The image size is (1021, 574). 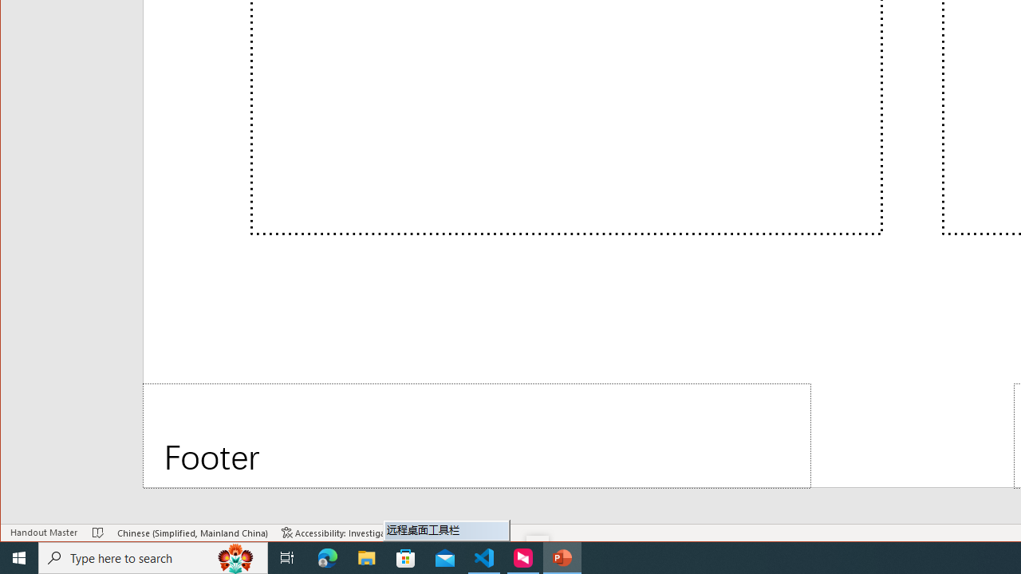 What do you see at coordinates (366, 556) in the screenshot?
I see `'File Explorer'` at bounding box center [366, 556].